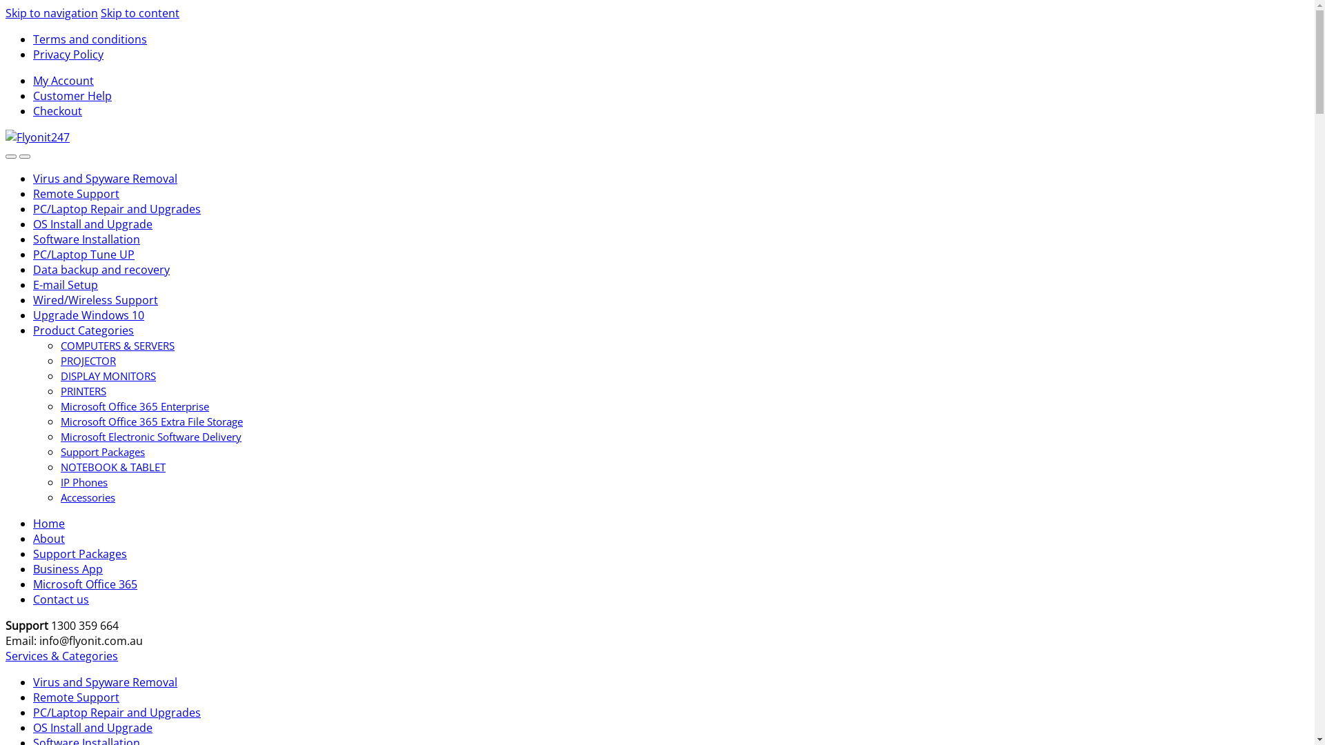 The width and height of the screenshot is (1325, 745). Describe the element at coordinates (92, 223) in the screenshot. I see `'OS Install and Upgrade'` at that location.